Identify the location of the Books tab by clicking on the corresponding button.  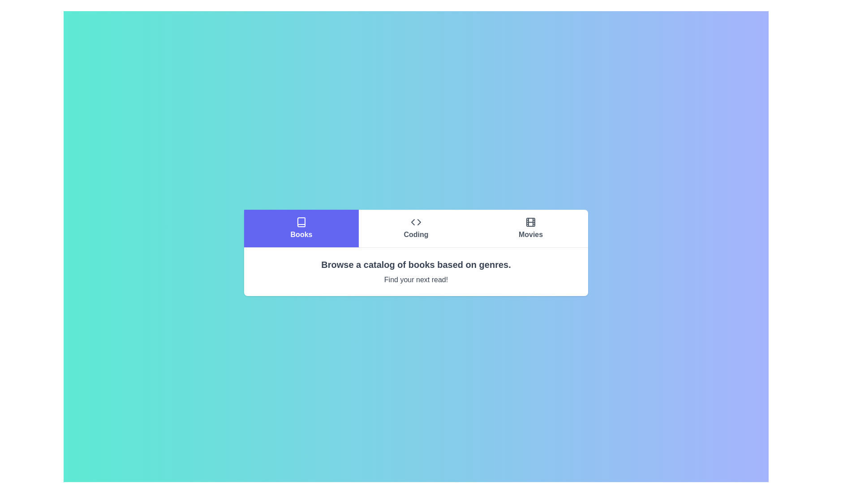
(301, 228).